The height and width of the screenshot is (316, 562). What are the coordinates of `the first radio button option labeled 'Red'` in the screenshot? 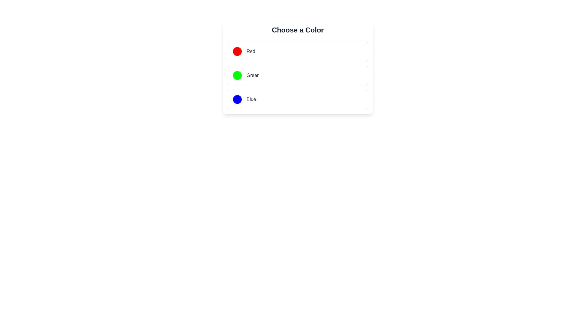 It's located at (298, 51).